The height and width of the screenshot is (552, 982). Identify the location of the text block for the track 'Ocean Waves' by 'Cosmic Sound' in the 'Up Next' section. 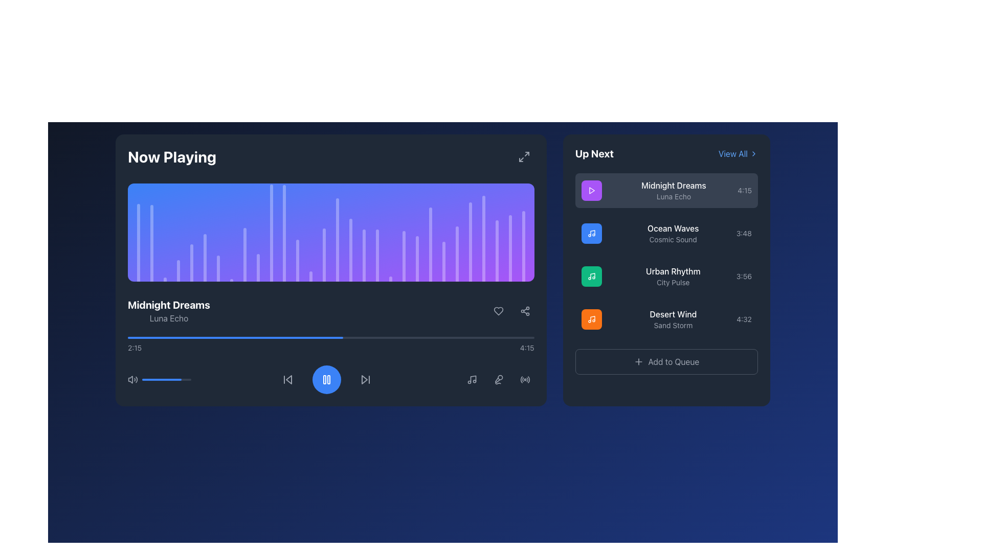
(673, 233).